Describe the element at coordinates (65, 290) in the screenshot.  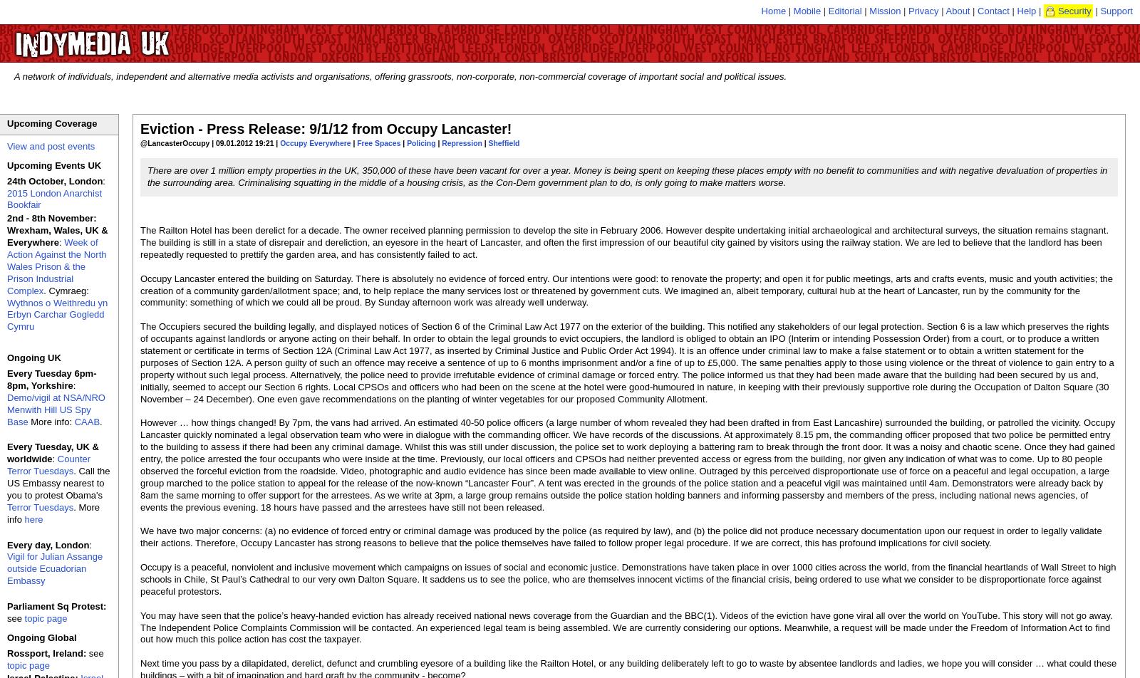
I see `'. 
Cymraeg:'` at that location.